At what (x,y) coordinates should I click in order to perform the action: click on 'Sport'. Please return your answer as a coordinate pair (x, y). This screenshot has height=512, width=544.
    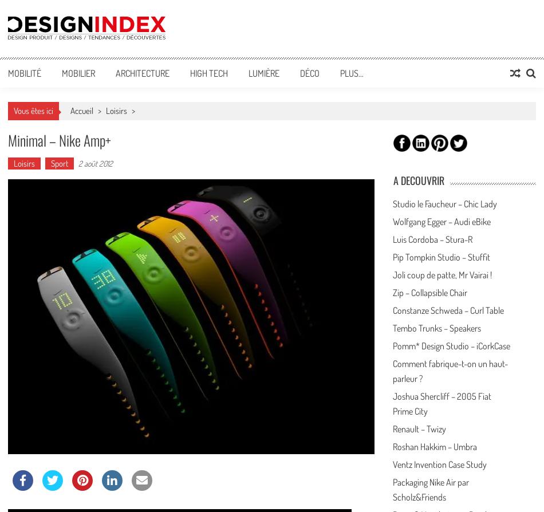
    Looking at the image, I should click on (60, 163).